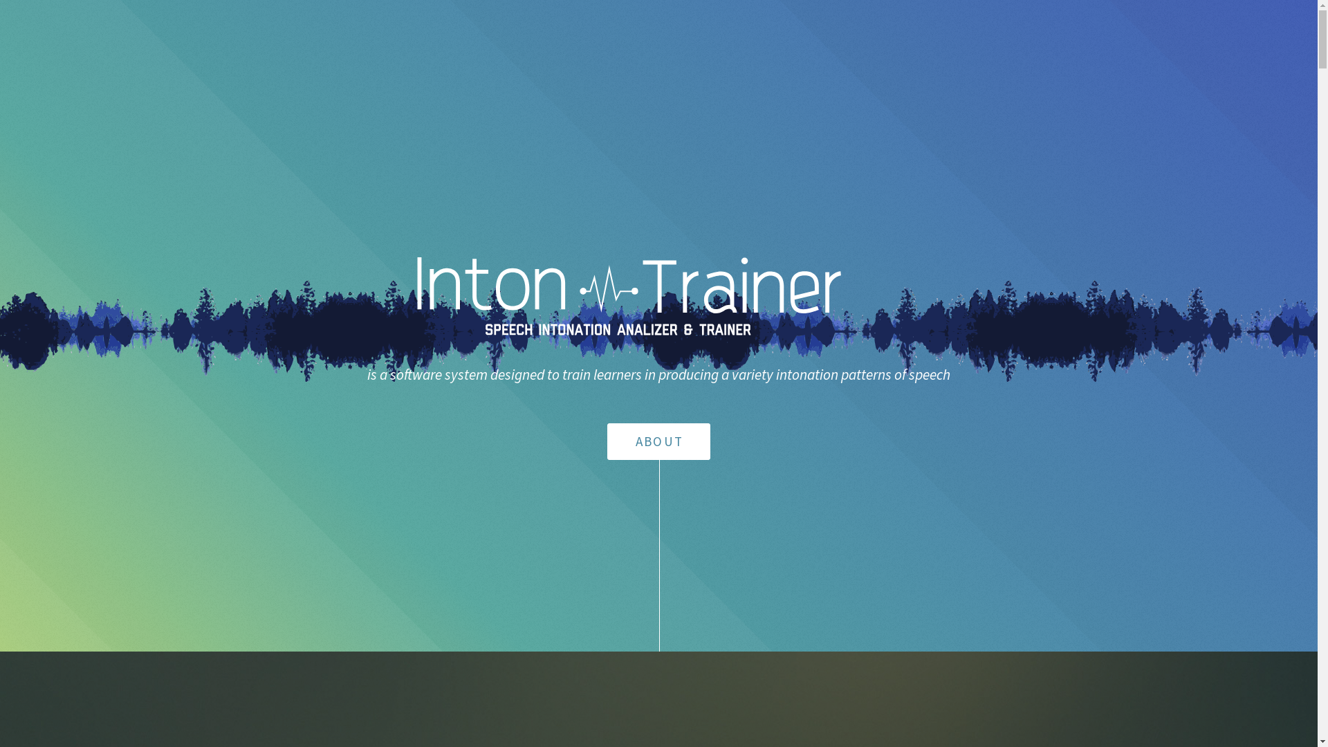  I want to click on 'ABOUT', so click(658, 441).